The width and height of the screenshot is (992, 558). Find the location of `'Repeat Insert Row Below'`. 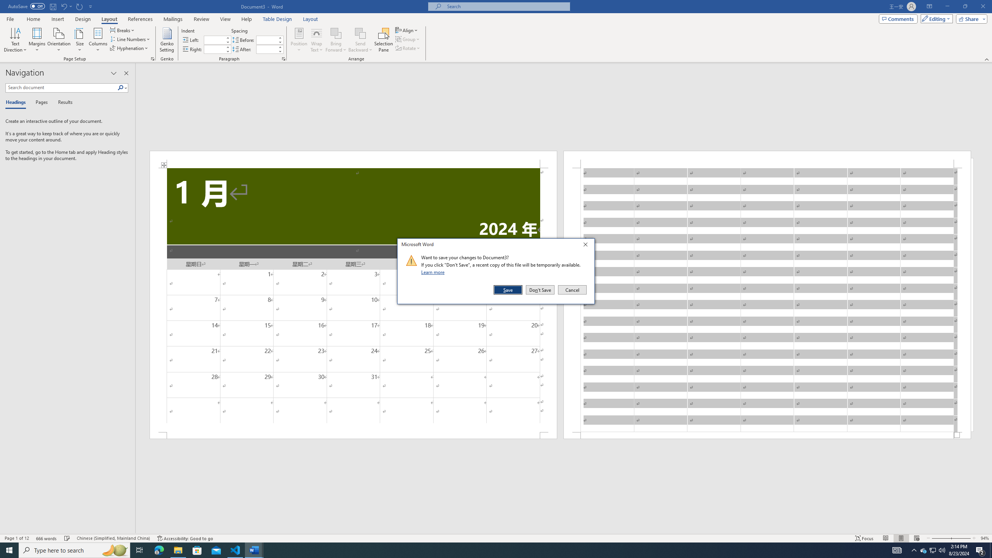

'Repeat Insert Row Below' is located at coordinates (79, 6).